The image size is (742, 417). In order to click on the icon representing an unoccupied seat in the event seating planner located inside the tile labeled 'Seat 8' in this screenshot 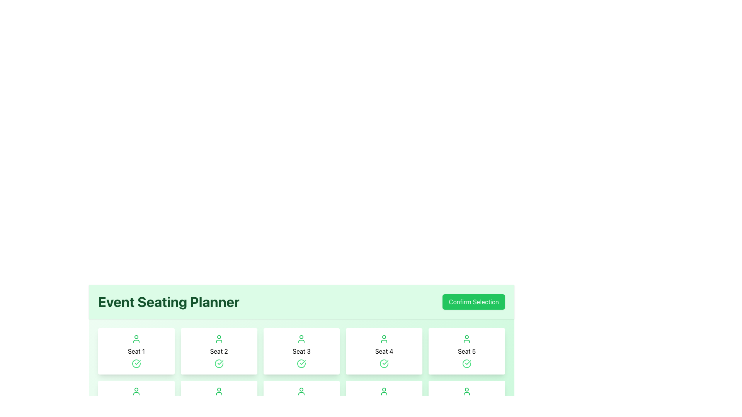, I will do `click(301, 392)`.